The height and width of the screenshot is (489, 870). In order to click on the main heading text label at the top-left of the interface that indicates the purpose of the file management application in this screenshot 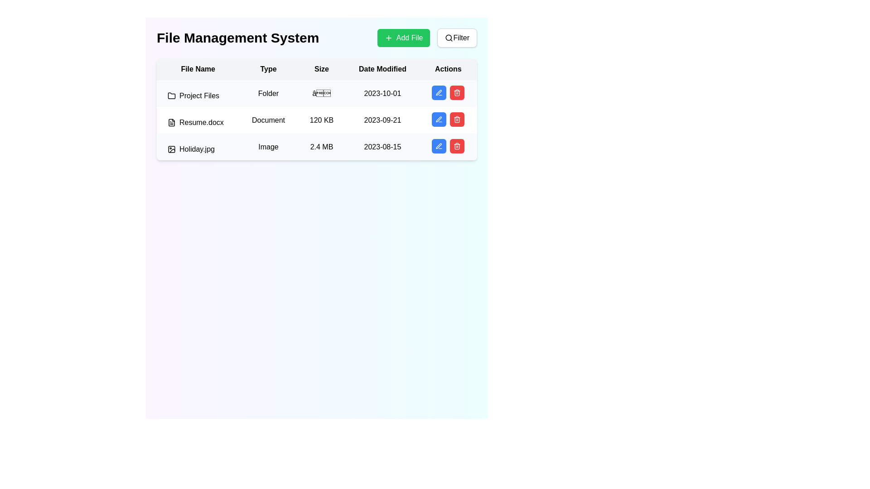, I will do `click(238, 38)`.